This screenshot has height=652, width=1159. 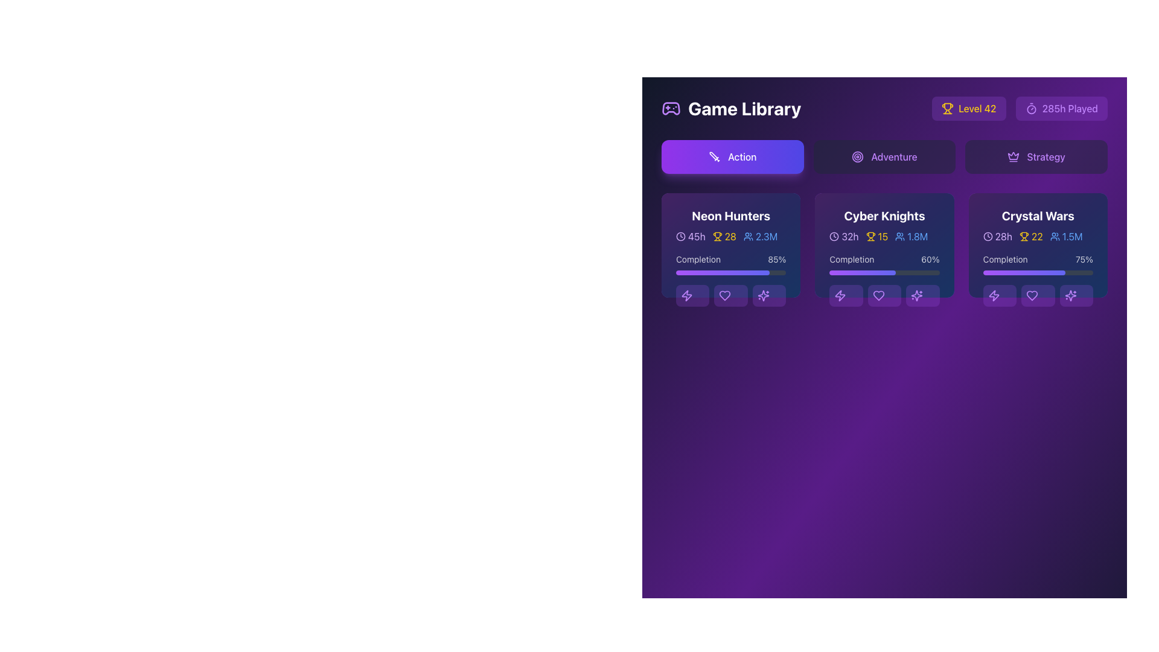 I want to click on the trophy icon representing 'Level 42' located in the top-right corner interface cluster, so click(x=947, y=106).